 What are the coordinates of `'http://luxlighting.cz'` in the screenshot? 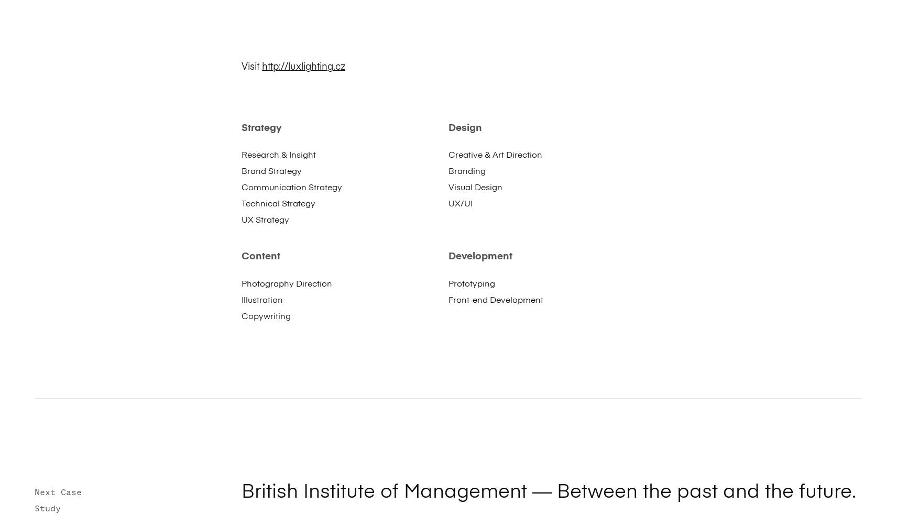 It's located at (302, 66).